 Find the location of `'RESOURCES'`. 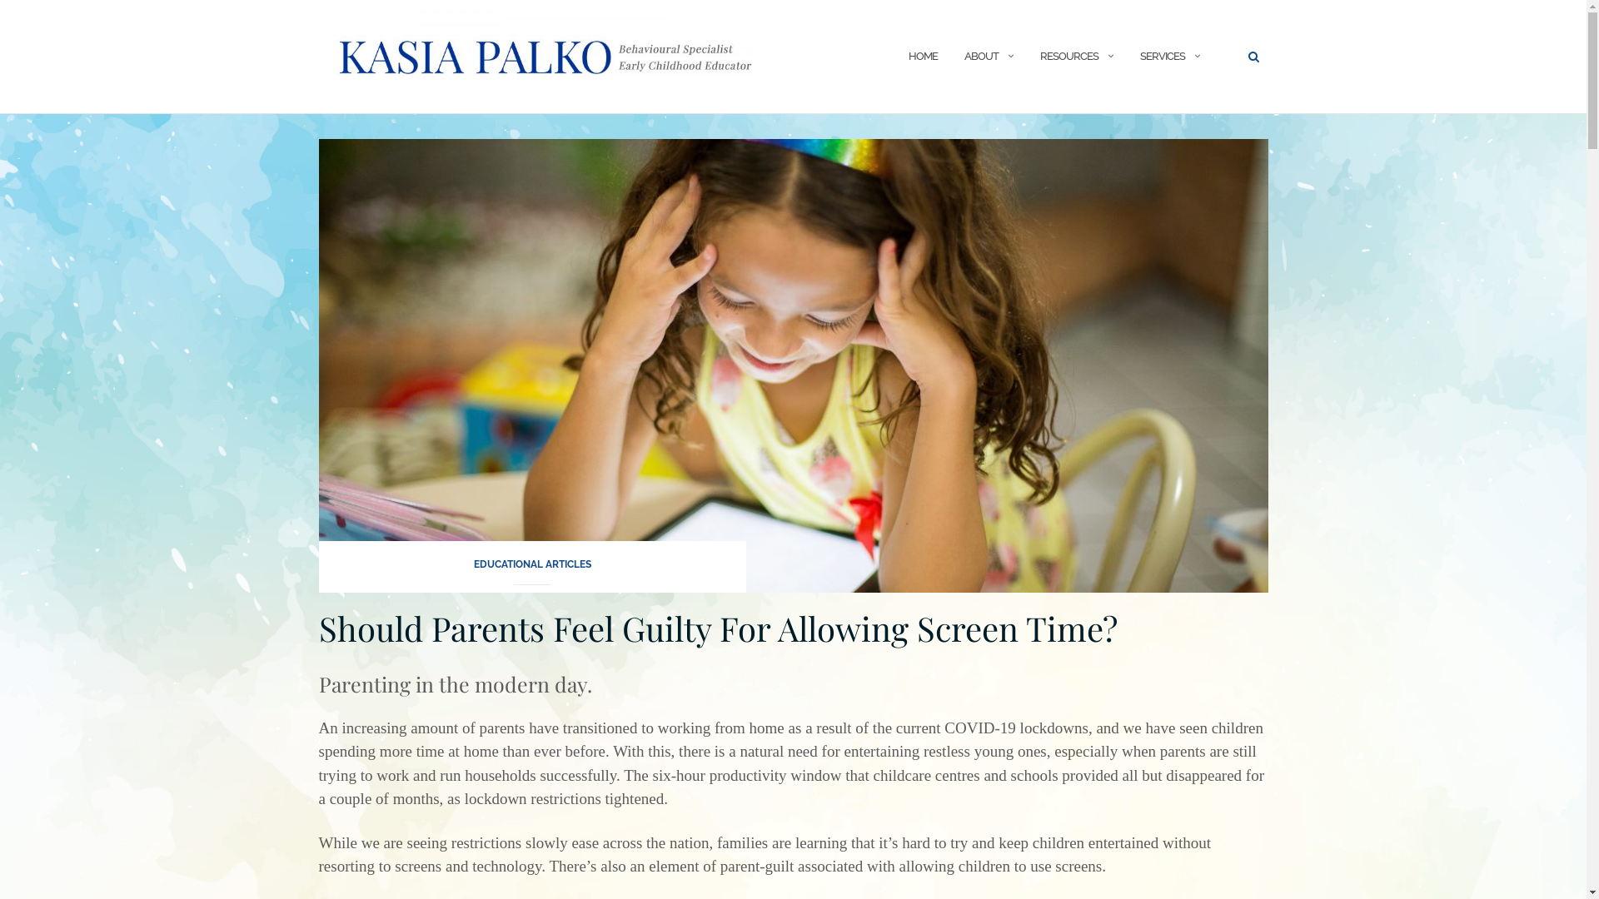

'RESOURCES' is located at coordinates (1068, 56).